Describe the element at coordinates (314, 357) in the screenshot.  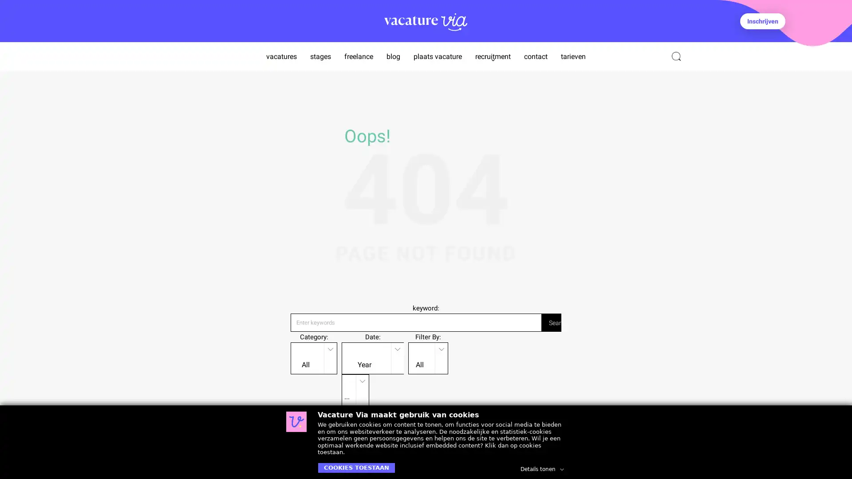
I see `All All` at that location.